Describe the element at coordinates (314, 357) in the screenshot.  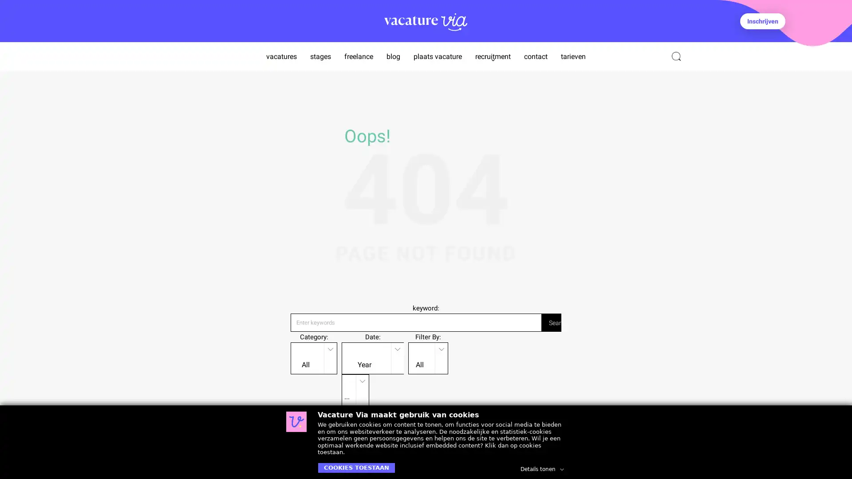
I see `All All` at that location.